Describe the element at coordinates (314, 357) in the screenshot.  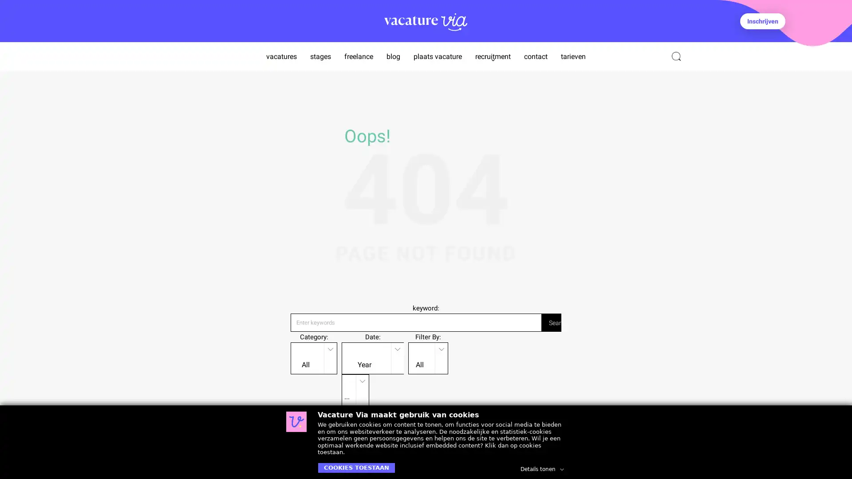
I see `All All` at that location.